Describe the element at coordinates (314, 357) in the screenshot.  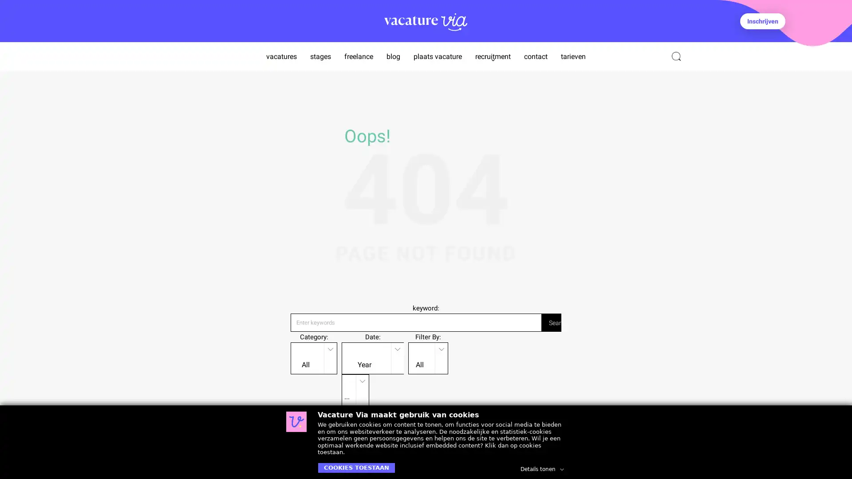
I see `All All` at that location.